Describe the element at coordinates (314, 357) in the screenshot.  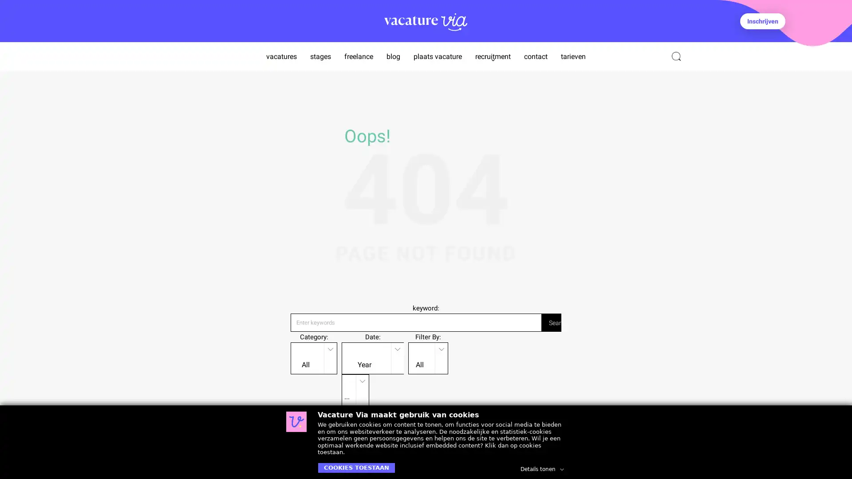
I see `All All` at that location.